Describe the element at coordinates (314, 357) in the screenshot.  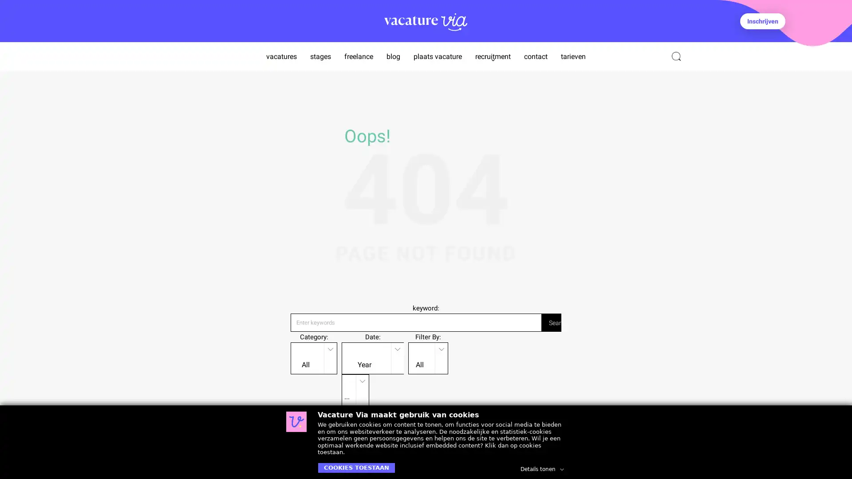
I see `All All` at that location.